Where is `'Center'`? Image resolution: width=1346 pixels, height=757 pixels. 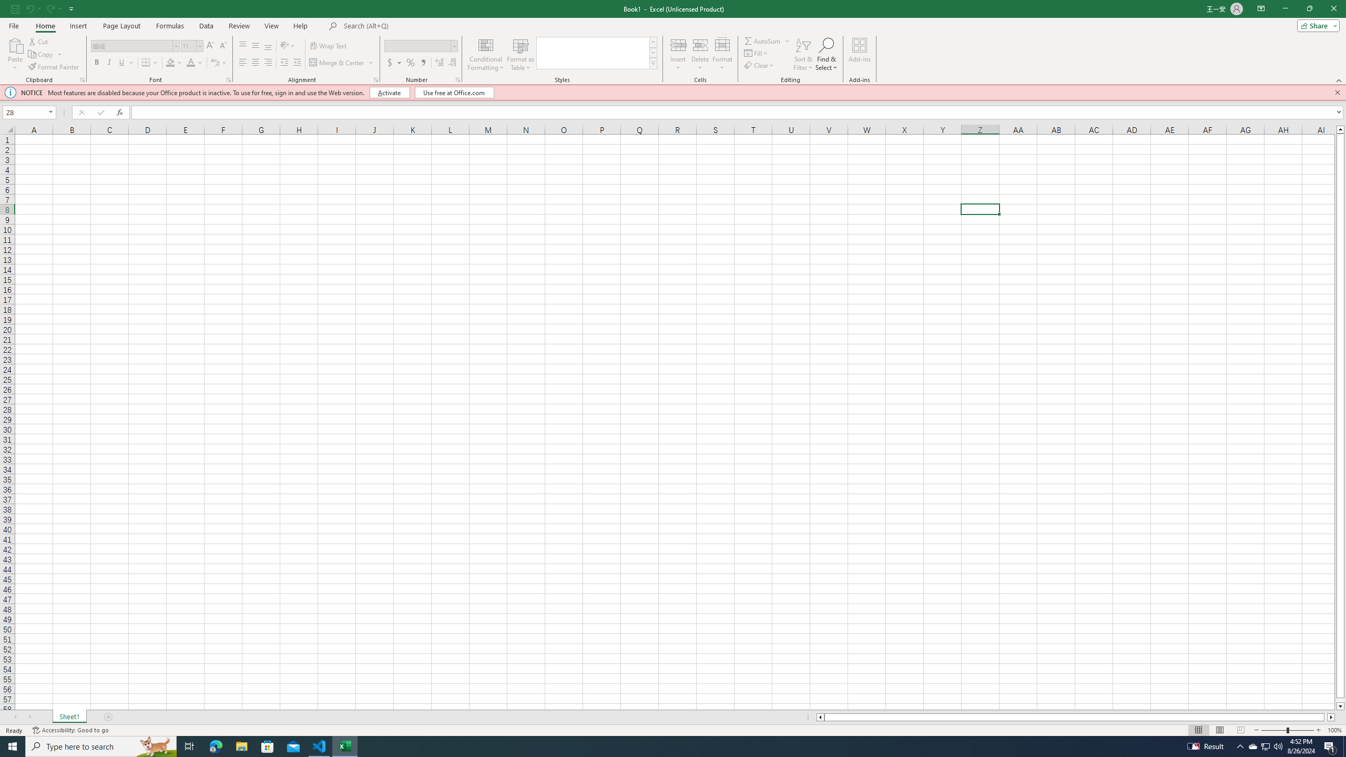
'Center' is located at coordinates (255, 62).